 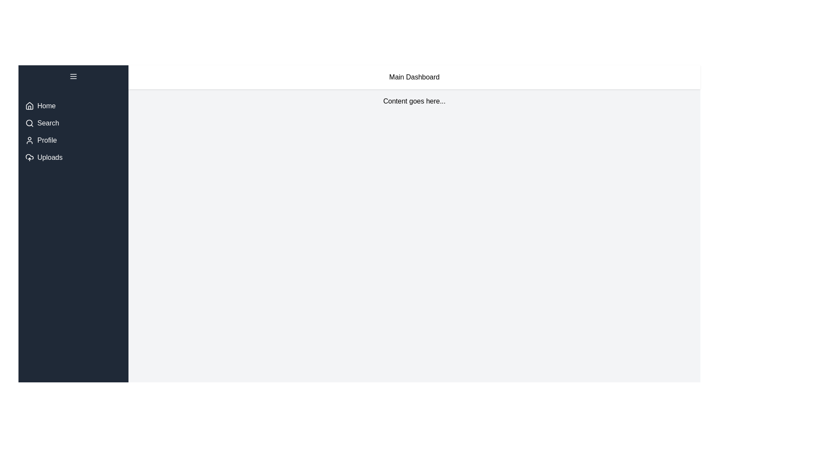 I want to click on the 'Profile' menu item, which is the third item in the vertical menu, so click(x=73, y=140).